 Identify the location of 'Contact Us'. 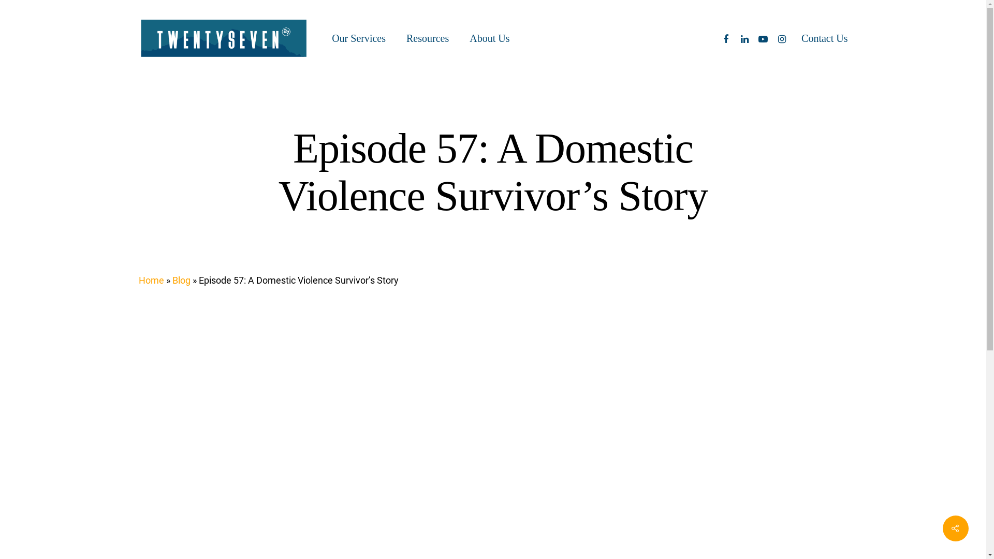
(824, 37).